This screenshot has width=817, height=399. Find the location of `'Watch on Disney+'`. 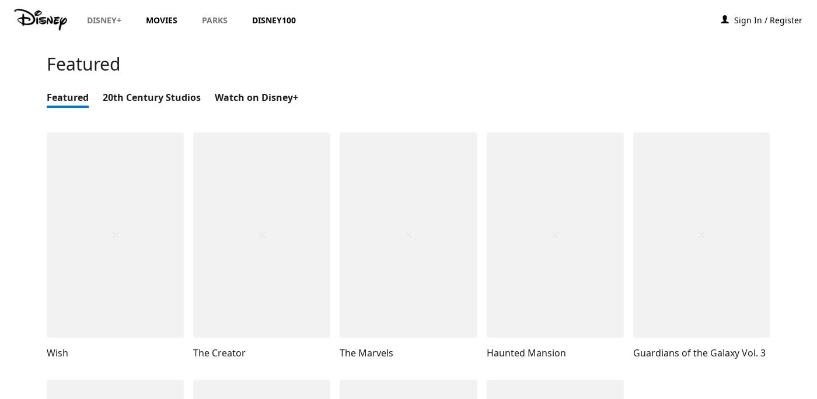

'Watch on Disney+' is located at coordinates (256, 97).